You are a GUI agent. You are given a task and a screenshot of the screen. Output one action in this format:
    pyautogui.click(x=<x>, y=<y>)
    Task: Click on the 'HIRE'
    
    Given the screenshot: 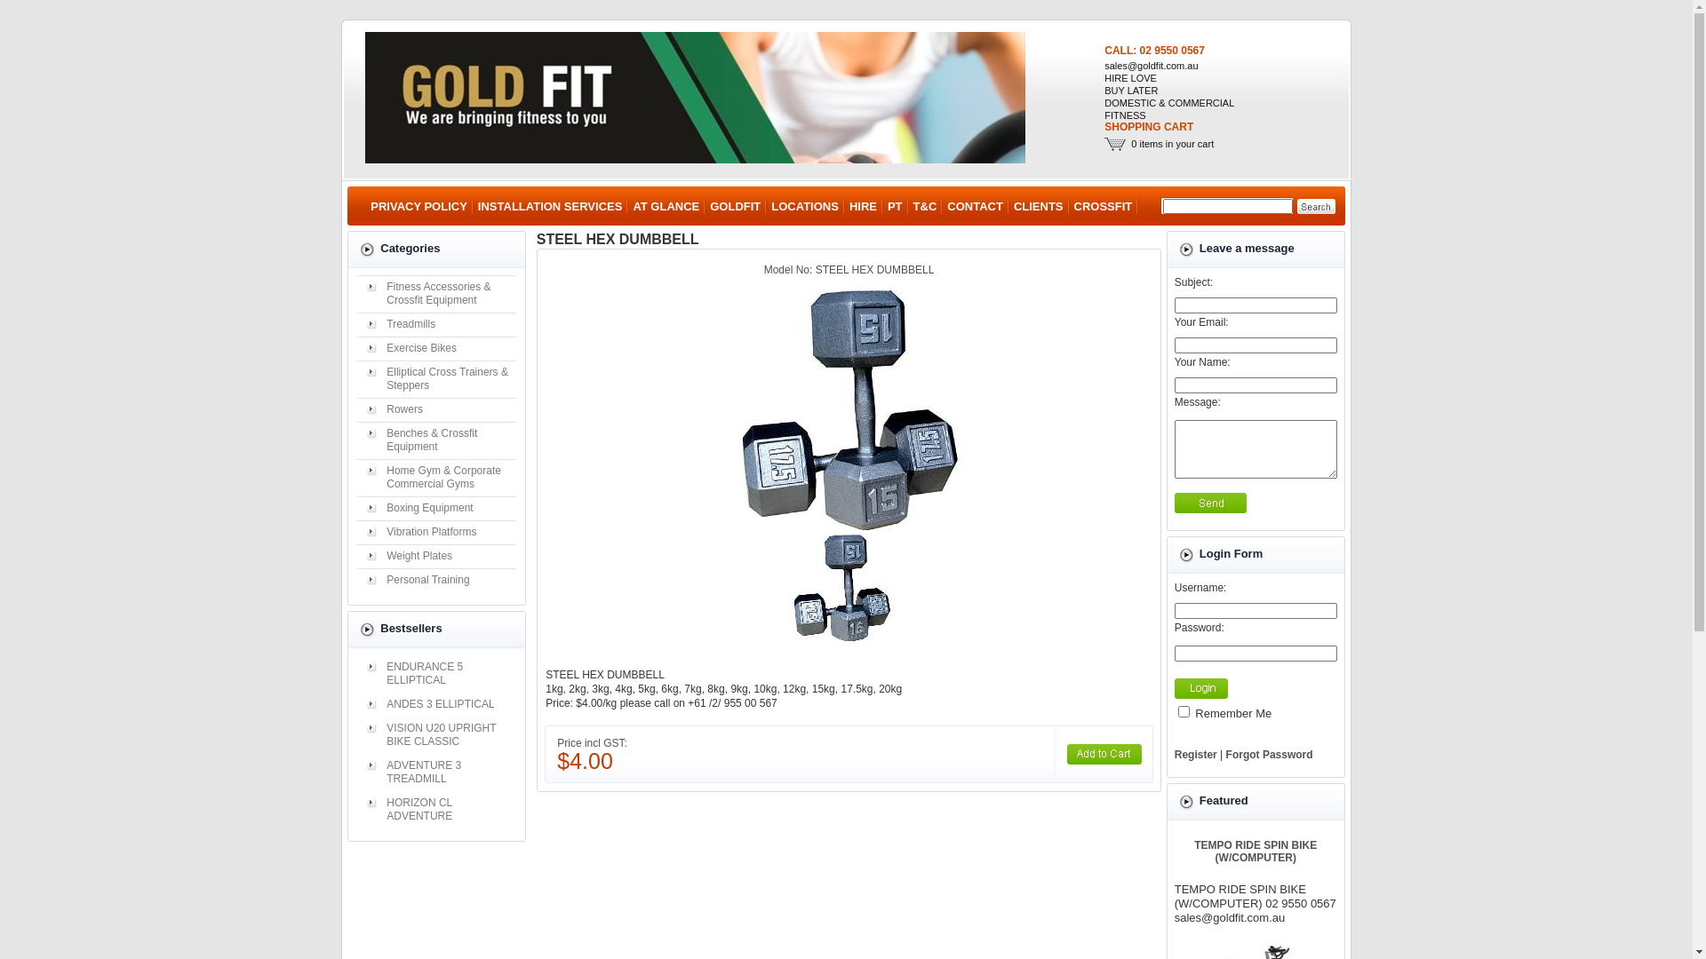 What is the action you would take?
    pyautogui.click(x=848, y=204)
    